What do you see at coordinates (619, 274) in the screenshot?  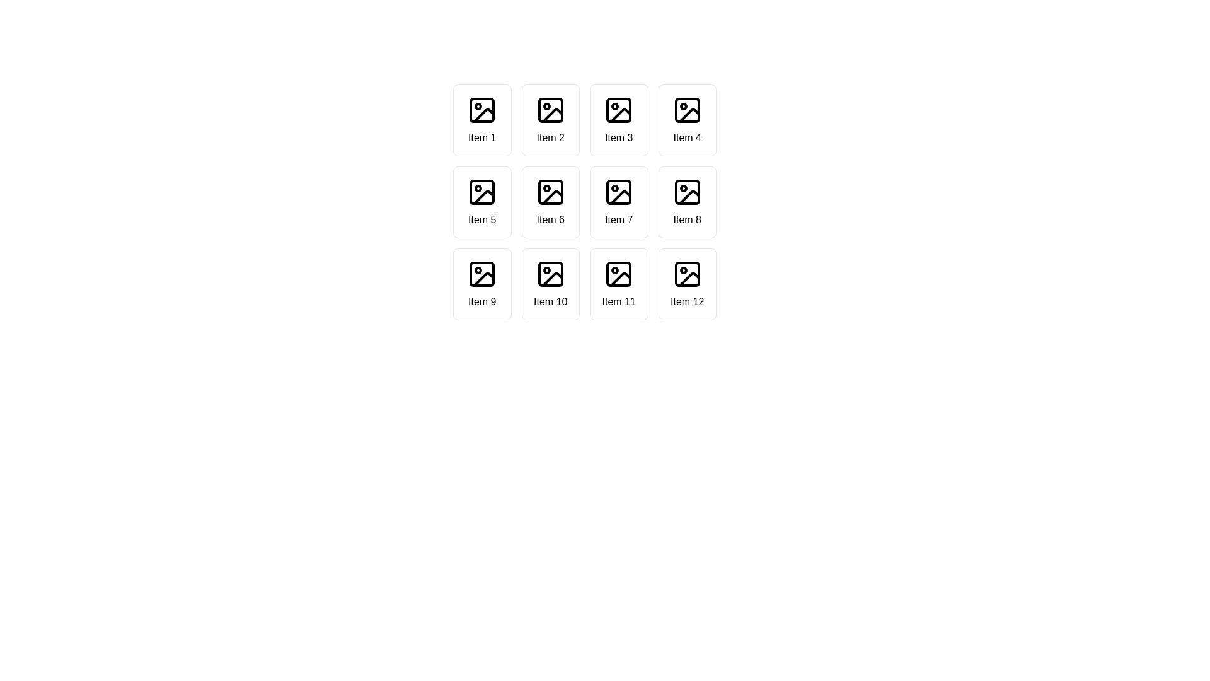 I see `the icon representing the media item associated with 'Item 11', located in the third row and third column of a 4x3 grid layout` at bounding box center [619, 274].